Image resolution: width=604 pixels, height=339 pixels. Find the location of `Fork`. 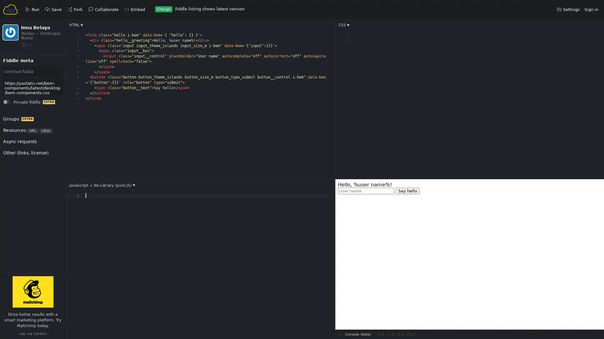

Fork is located at coordinates (13, 67).